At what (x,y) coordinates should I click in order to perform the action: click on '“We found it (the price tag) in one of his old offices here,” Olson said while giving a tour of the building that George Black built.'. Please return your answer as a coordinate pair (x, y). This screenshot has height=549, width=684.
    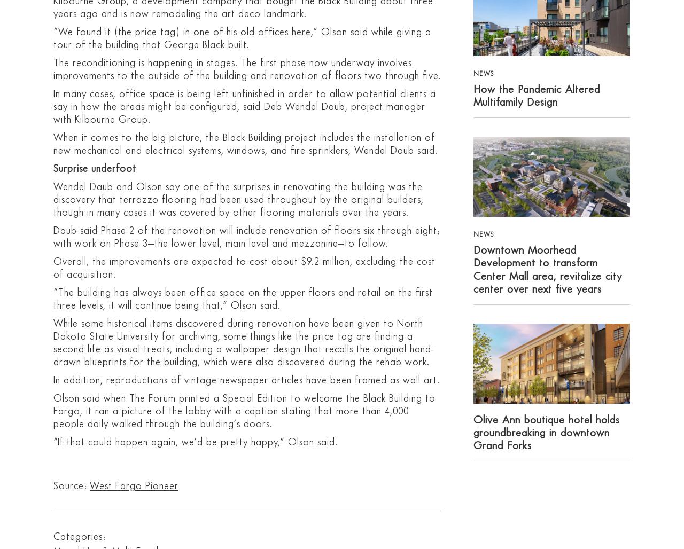
    Looking at the image, I should click on (242, 37).